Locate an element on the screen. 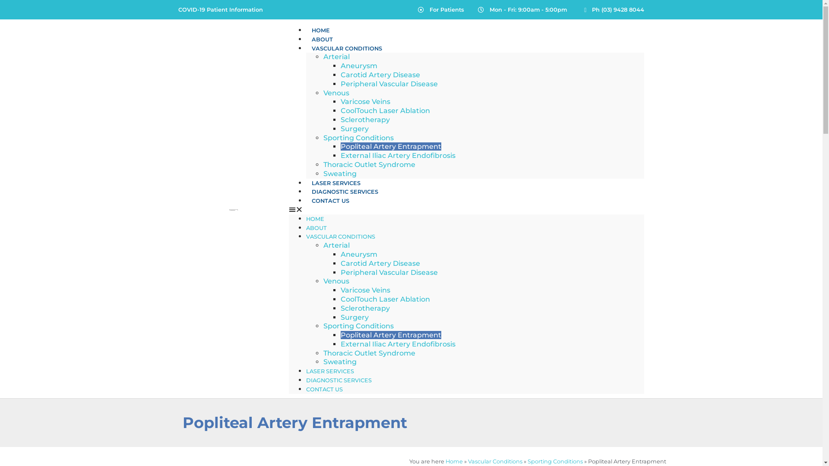 Image resolution: width=829 pixels, height=466 pixels. 'Peripheral Vascular Disease' is located at coordinates (389, 84).